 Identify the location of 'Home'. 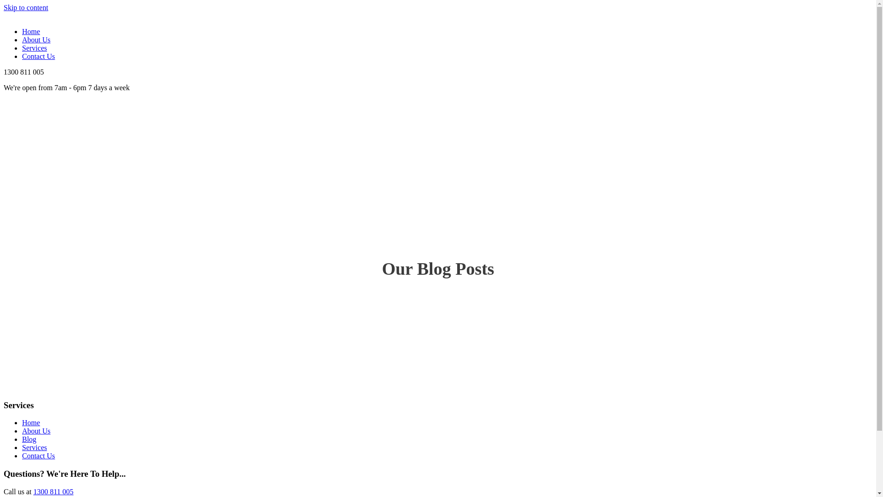
(31, 422).